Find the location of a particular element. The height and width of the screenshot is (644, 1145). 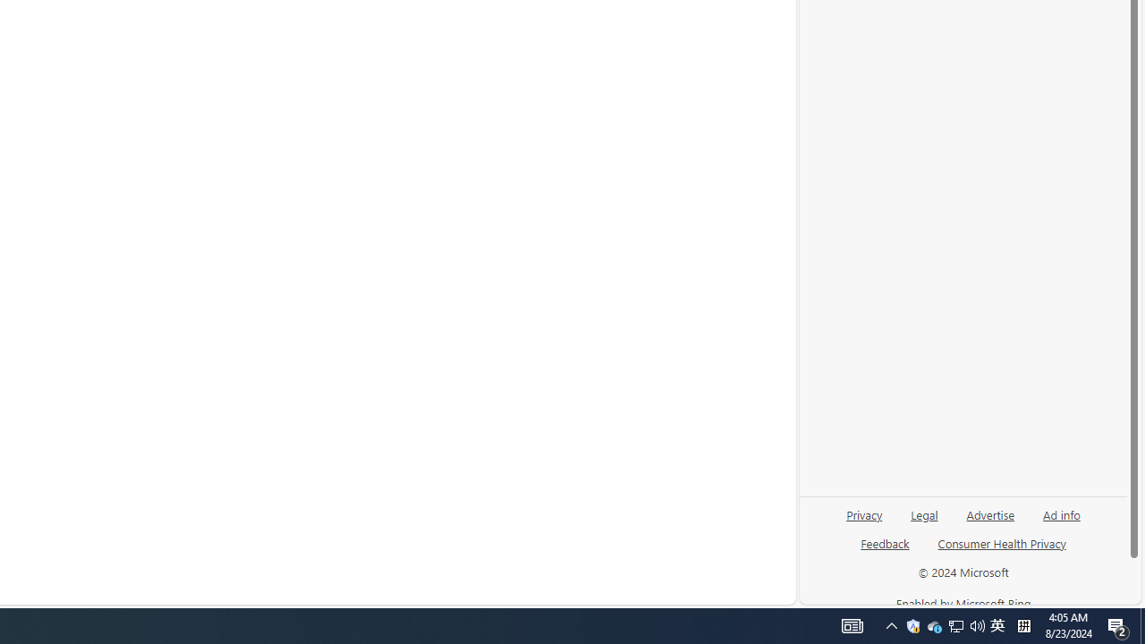

'Consumer Health Privacy' is located at coordinates (1002, 549).